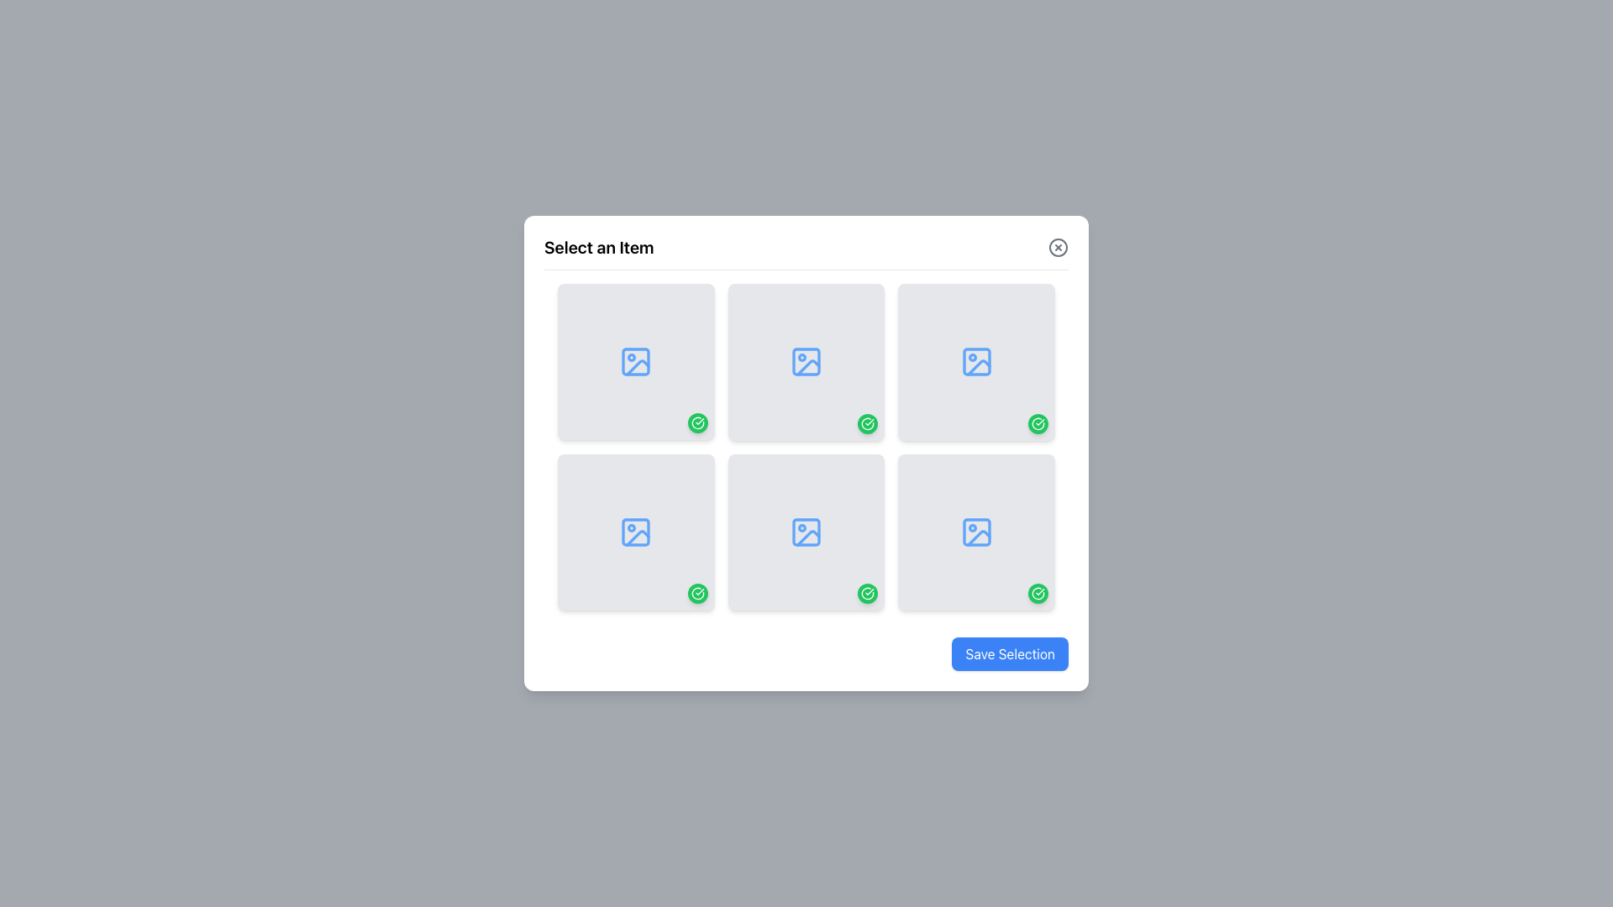 The width and height of the screenshot is (1613, 907). Describe the element at coordinates (635, 532) in the screenshot. I see `the decorative rectangle within the SVG graphic that represents an image placeholder, located in the first column of the second row of a 3x2 grid layout in a modal dialog` at that location.